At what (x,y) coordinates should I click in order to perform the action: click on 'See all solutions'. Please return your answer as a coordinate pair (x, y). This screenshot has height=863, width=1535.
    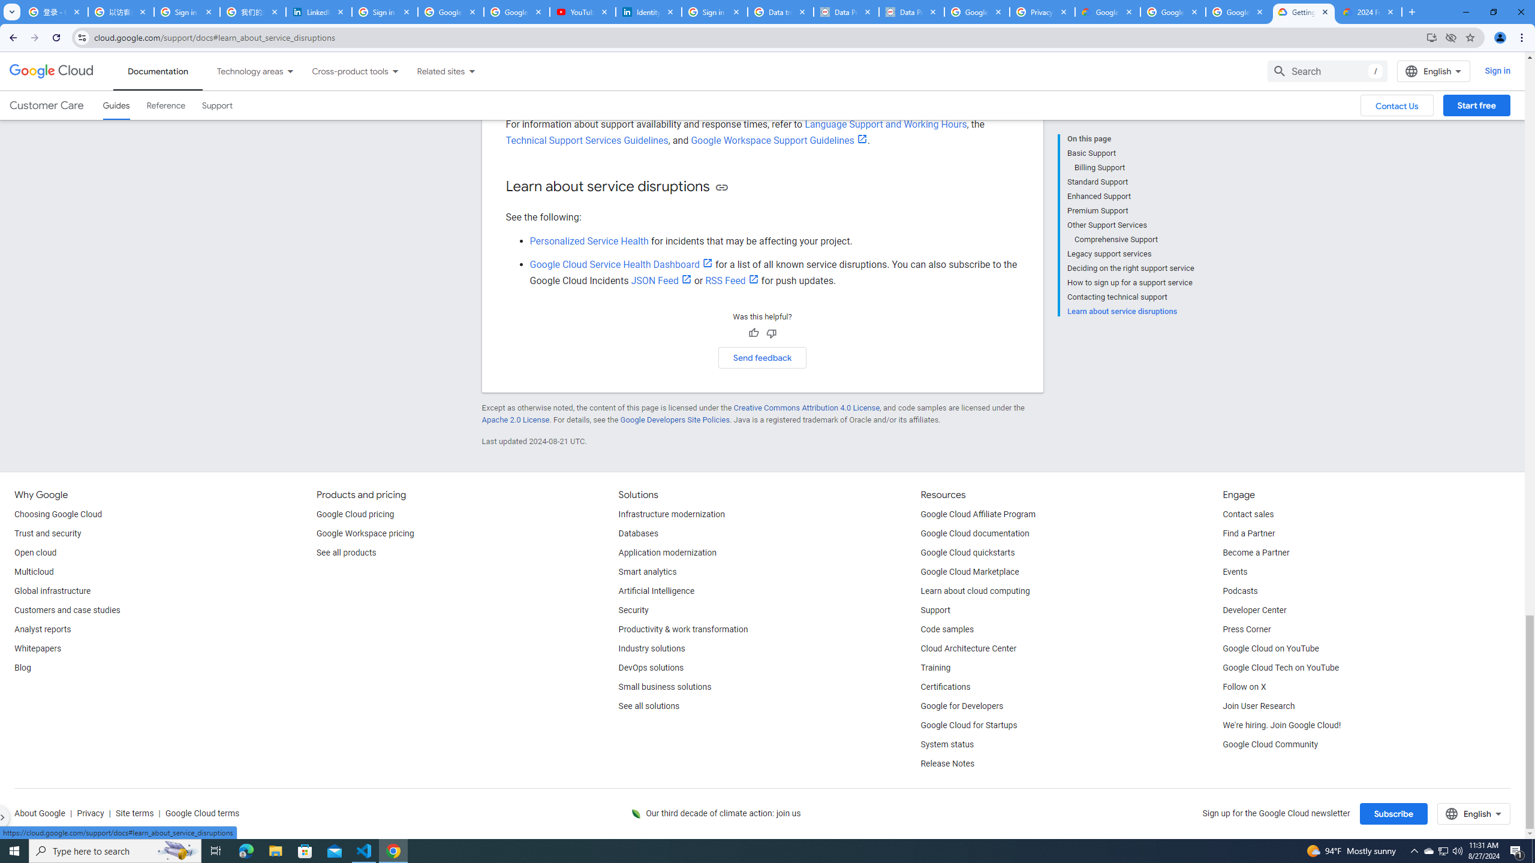
    Looking at the image, I should click on (648, 707).